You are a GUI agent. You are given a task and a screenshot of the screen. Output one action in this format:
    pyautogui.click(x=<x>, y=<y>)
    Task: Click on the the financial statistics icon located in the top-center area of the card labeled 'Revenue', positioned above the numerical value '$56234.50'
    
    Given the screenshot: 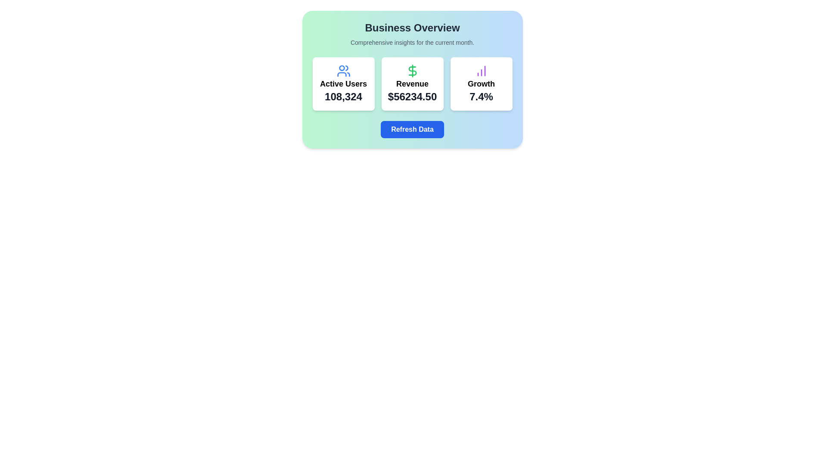 What is the action you would take?
    pyautogui.click(x=412, y=71)
    